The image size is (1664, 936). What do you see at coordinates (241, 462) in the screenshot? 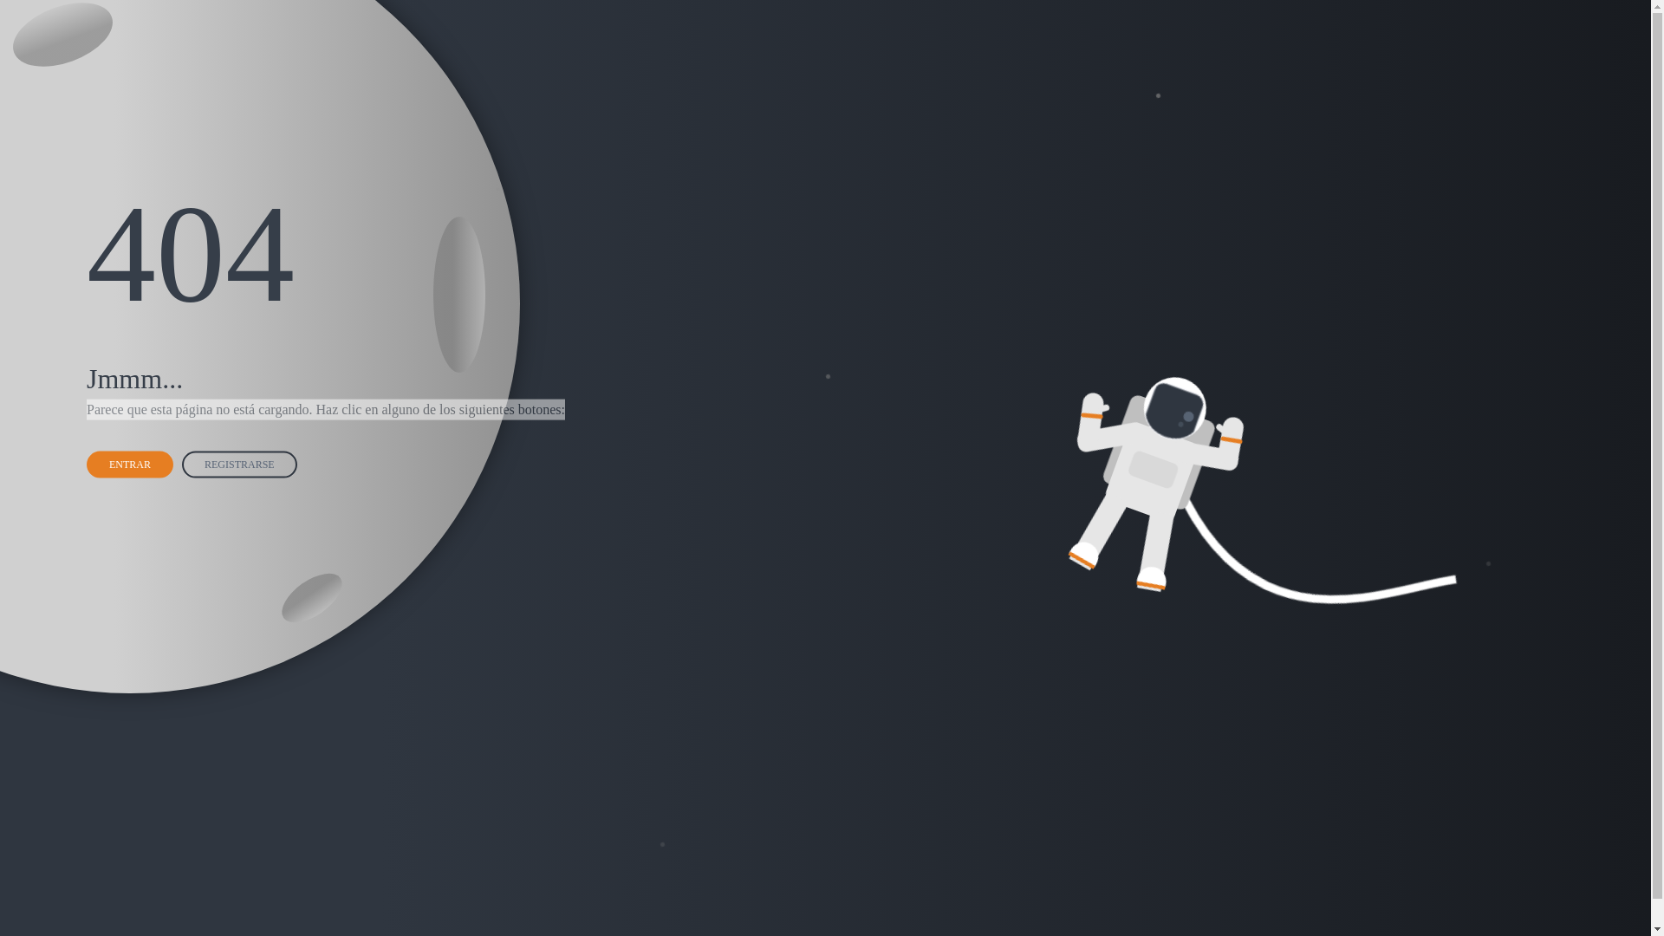
I see `'REGISTRARSE'` at bounding box center [241, 462].